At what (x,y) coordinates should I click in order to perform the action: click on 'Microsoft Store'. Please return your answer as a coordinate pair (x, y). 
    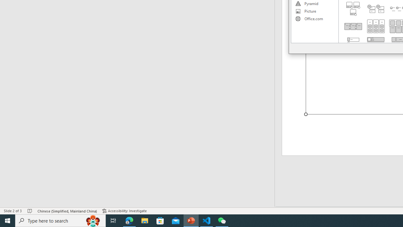
    Looking at the image, I should click on (160, 220).